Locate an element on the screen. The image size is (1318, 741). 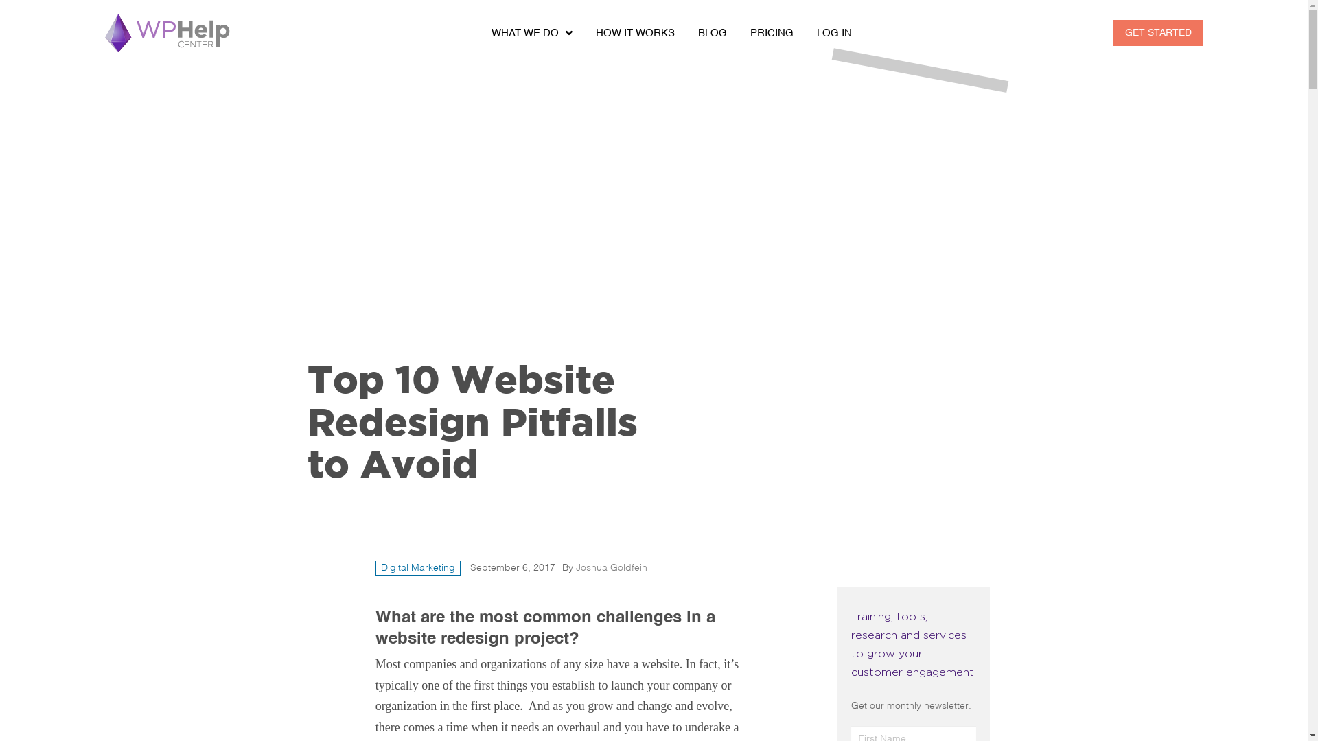
'WHAT WE DO' is located at coordinates (478, 32).